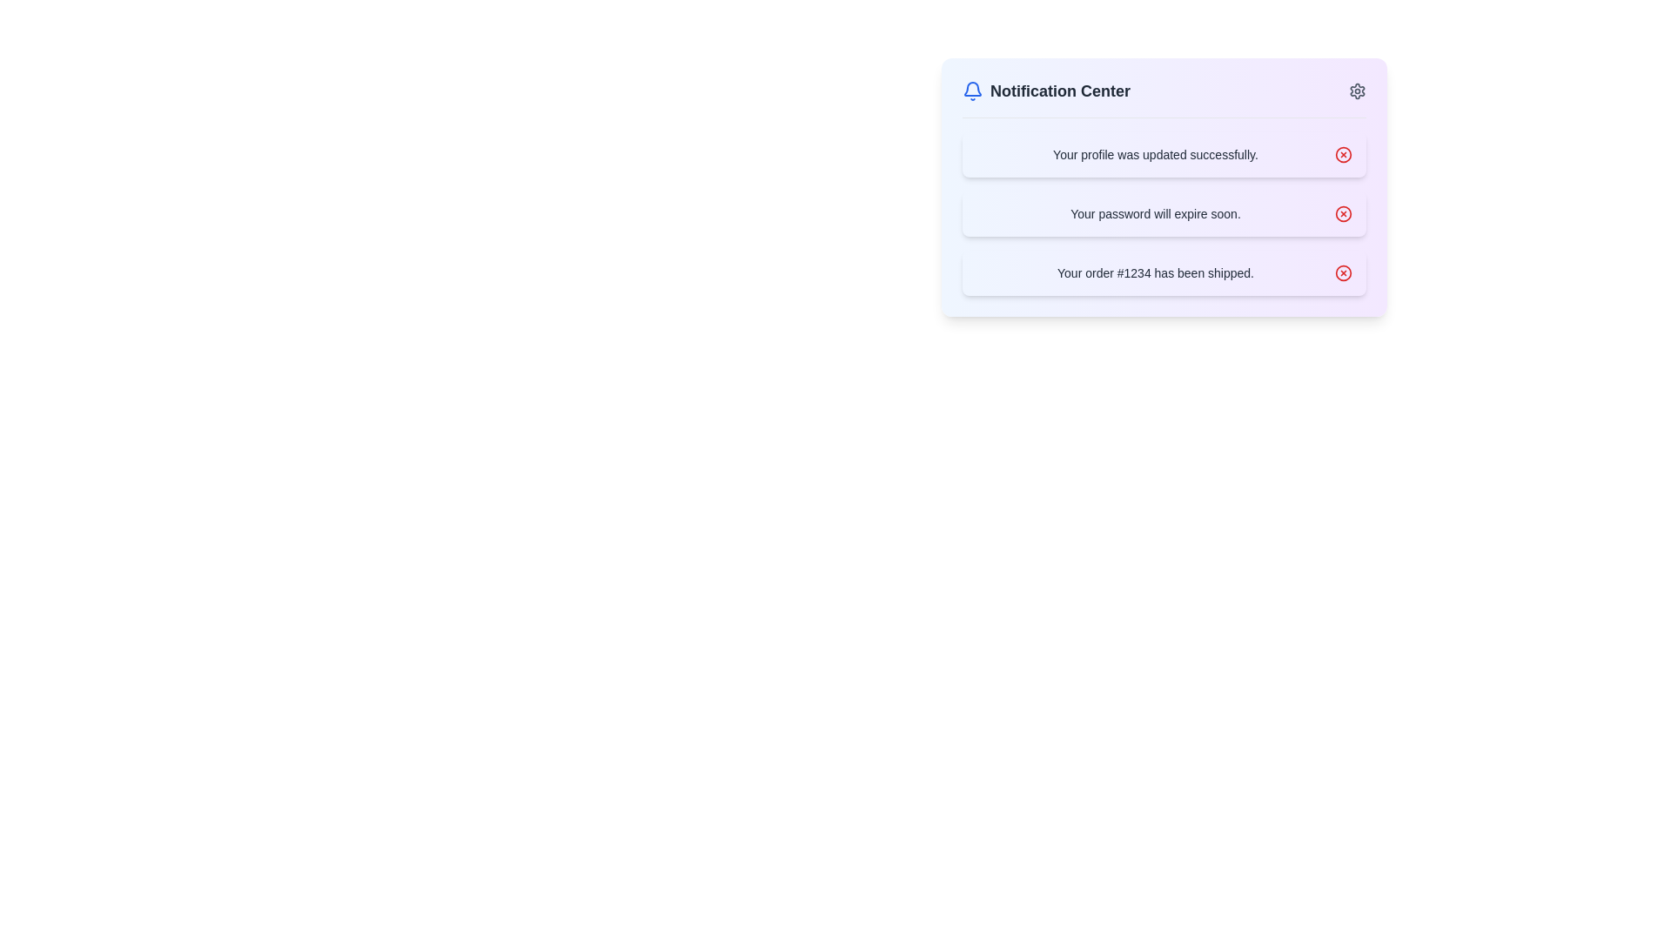 The width and height of the screenshot is (1671, 940). I want to click on the close button located on the right side of the notification that reads 'Your profile was updated successfully.', so click(1343, 153).